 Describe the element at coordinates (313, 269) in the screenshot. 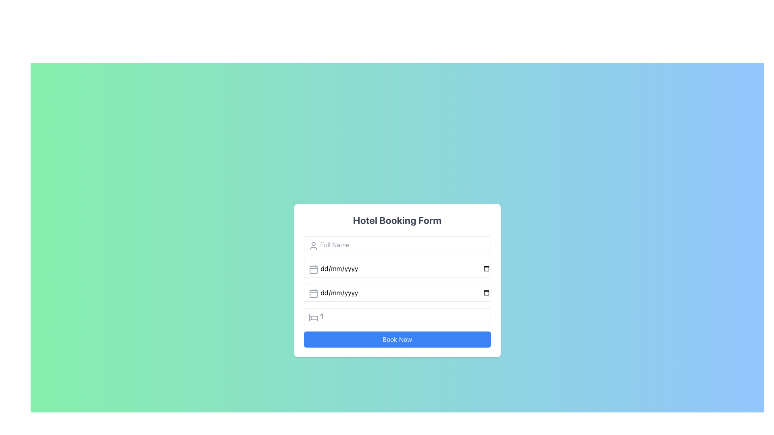

I see `the interactive calendar picker icon located to the left of the first date text field` at that location.